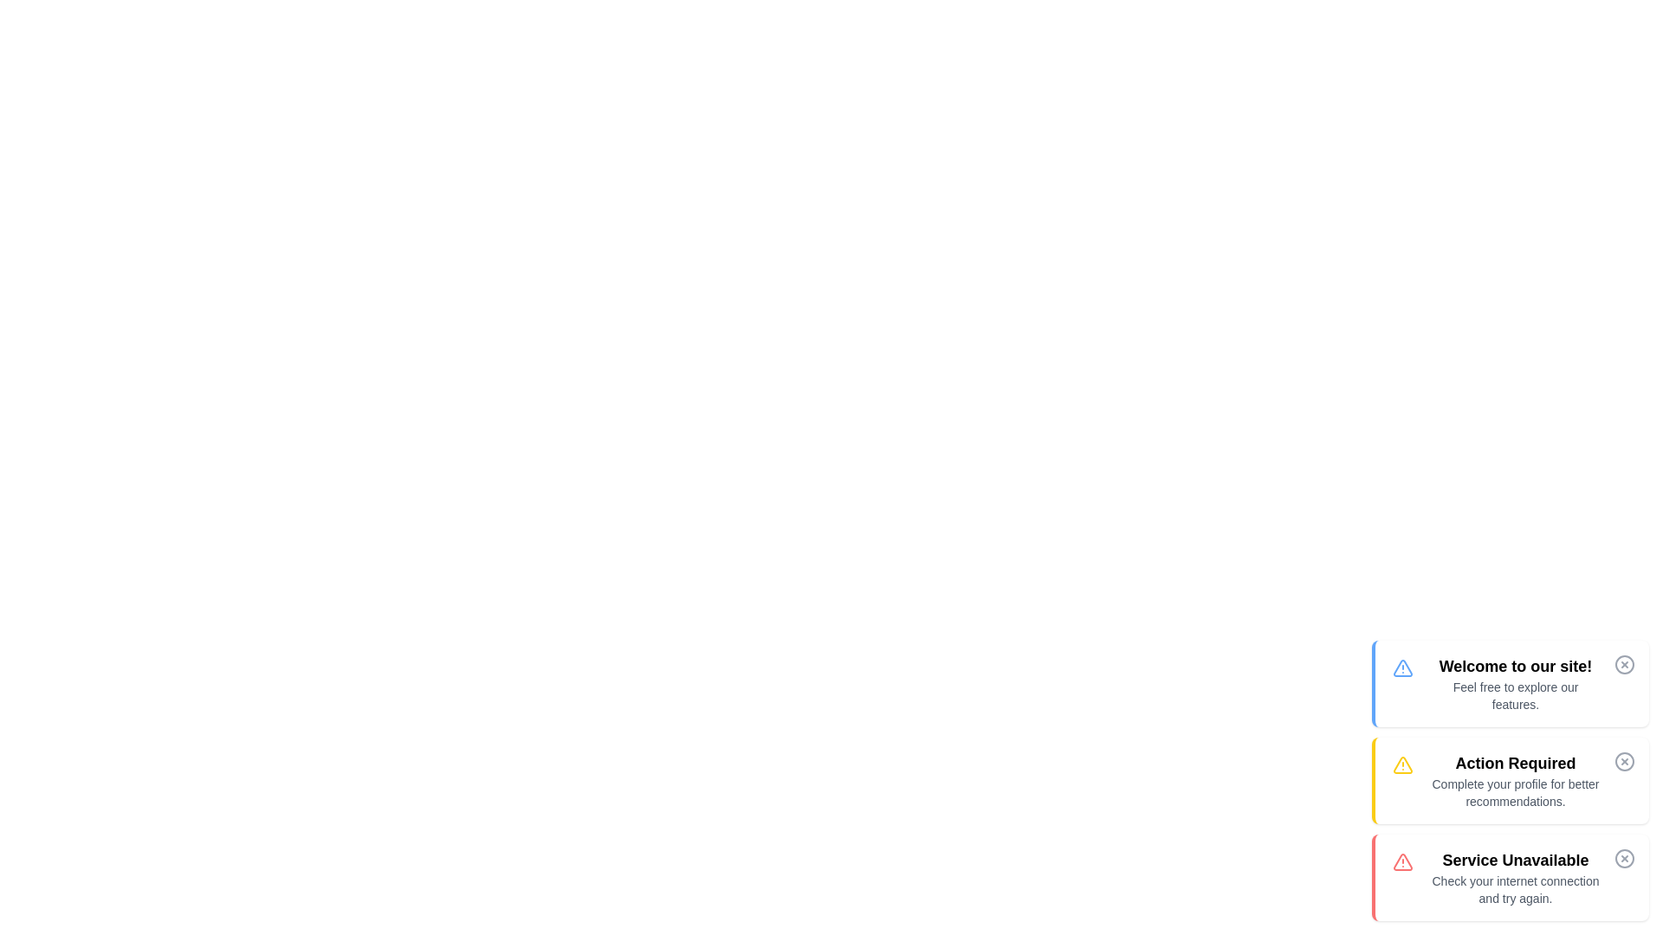 This screenshot has width=1663, height=935. What do you see at coordinates (1515, 694) in the screenshot?
I see `the text block displaying 'Feel free` at bounding box center [1515, 694].